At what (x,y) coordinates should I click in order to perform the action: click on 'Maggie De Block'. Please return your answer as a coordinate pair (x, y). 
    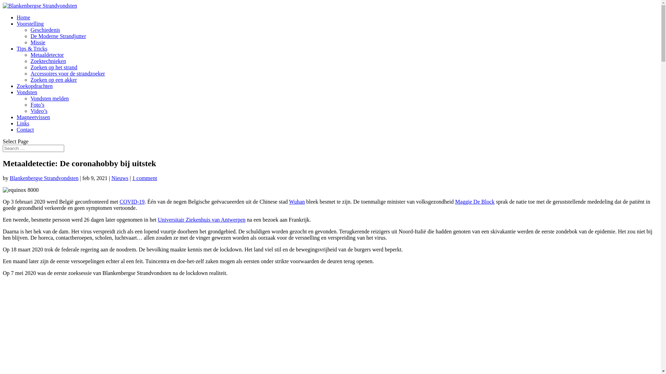
    Looking at the image, I should click on (474, 202).